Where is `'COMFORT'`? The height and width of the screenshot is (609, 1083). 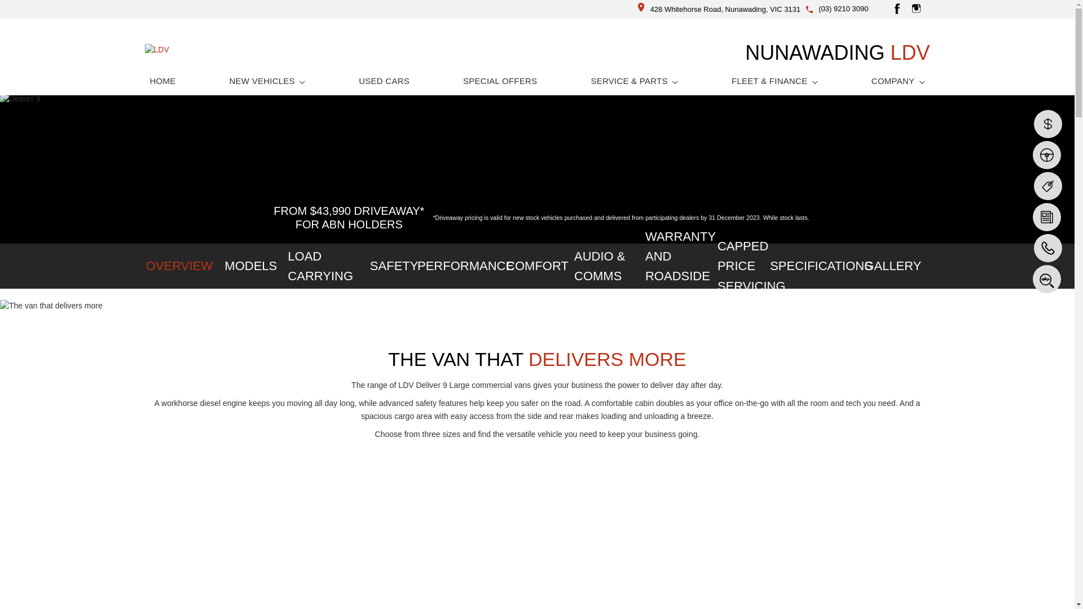 'COMFORT' is located at coordinates (536, 266).